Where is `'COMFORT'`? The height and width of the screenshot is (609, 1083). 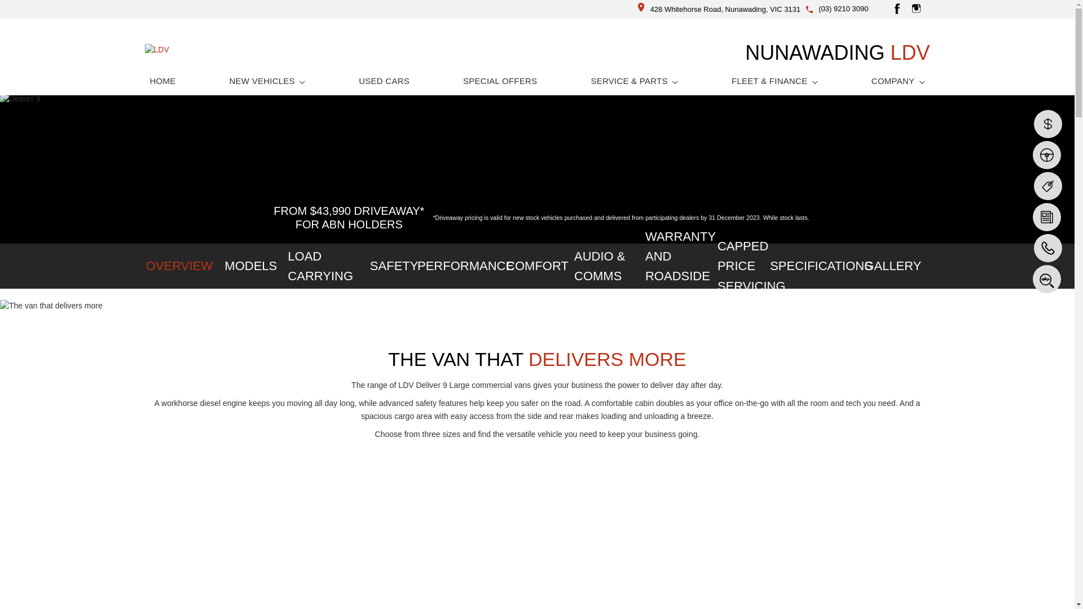 'COMFORT' is located at coordinates (536, 266).